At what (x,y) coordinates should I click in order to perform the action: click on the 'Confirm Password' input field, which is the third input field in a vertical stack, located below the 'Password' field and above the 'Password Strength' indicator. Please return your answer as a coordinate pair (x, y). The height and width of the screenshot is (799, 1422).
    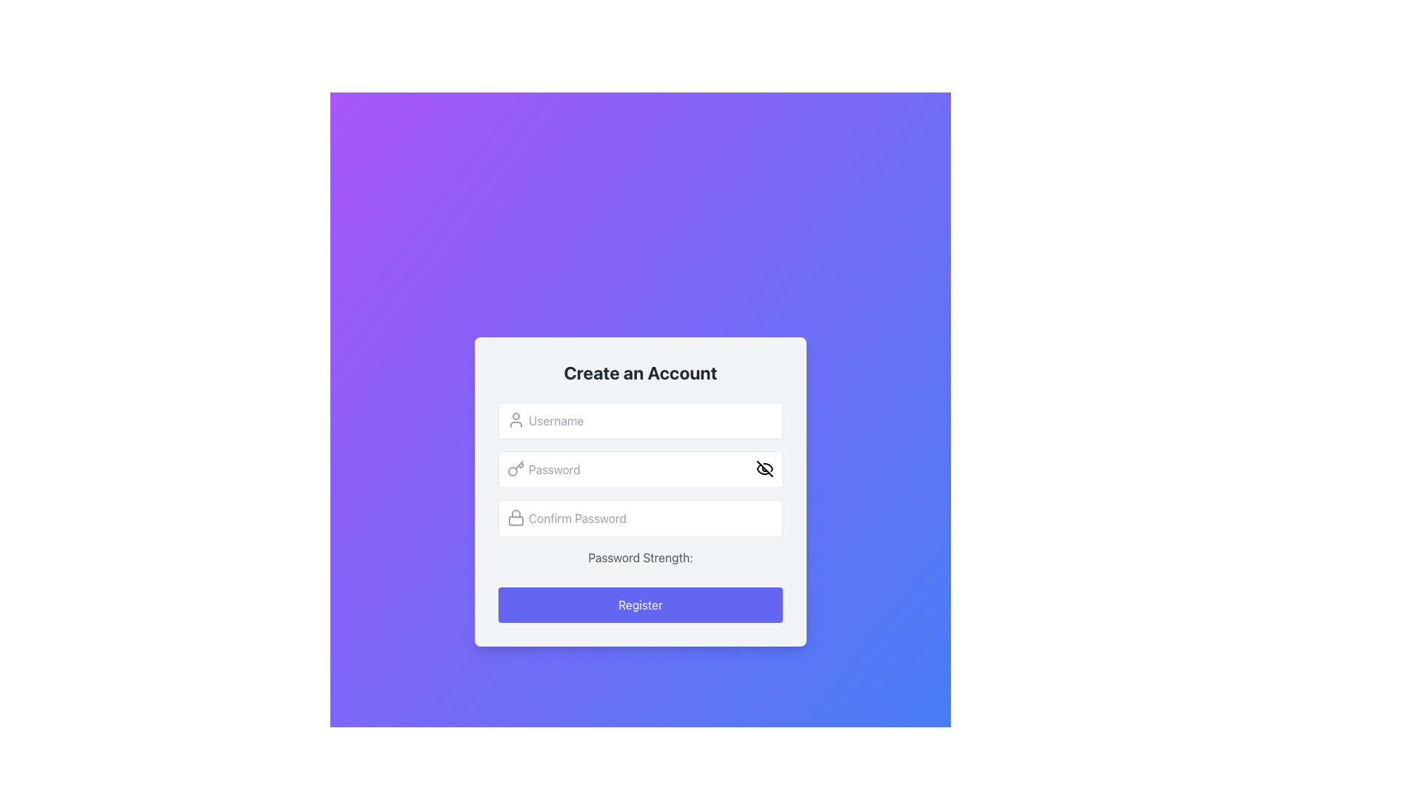
    Looking at the image, I should click on (640, 518).